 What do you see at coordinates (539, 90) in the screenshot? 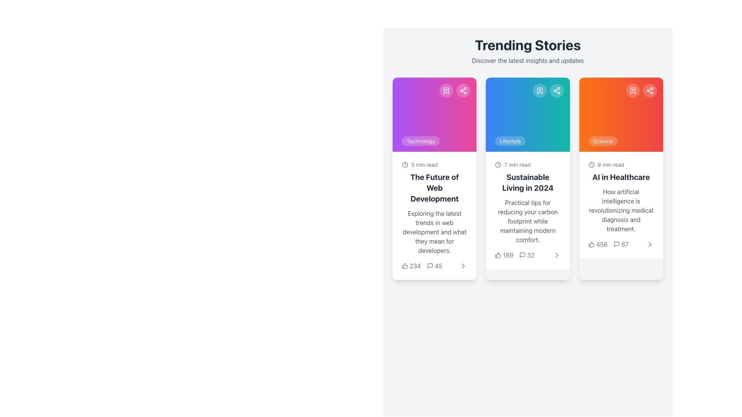
I see `the bookmark icon located in the top-right corner of the 'Lifestyle' card` at bounding box center [539, 90].